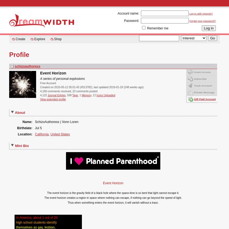  What do you see at coordinates (131, 21) in the screenshot?
I see `'Password:'` at bounding box center [131, 21].